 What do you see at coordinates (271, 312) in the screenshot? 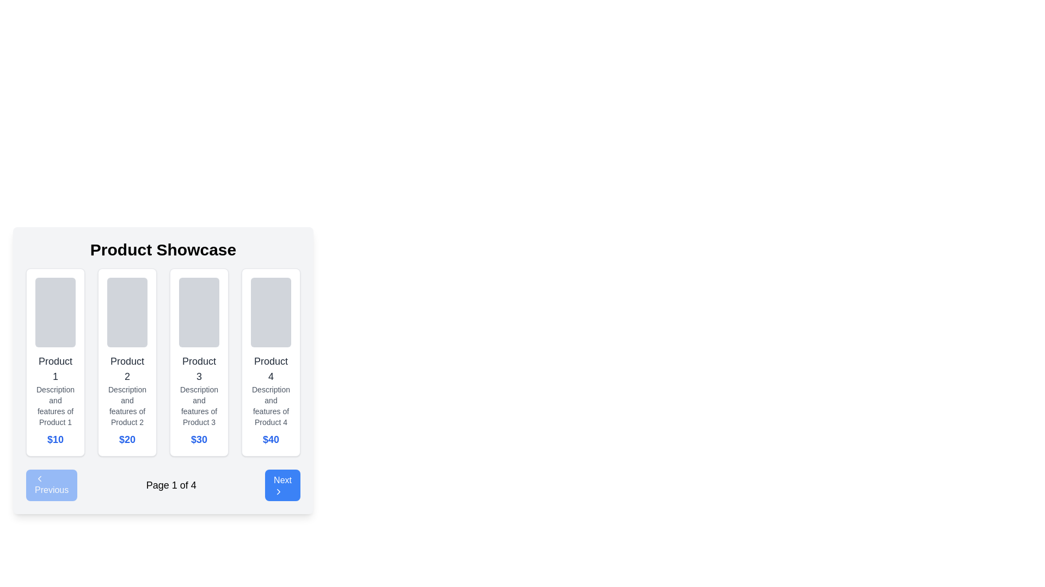
I see `the gray rectangular image placeholder with rounded corners, located at the top of the 'Product 4' section` at bounding box center [271, 312].